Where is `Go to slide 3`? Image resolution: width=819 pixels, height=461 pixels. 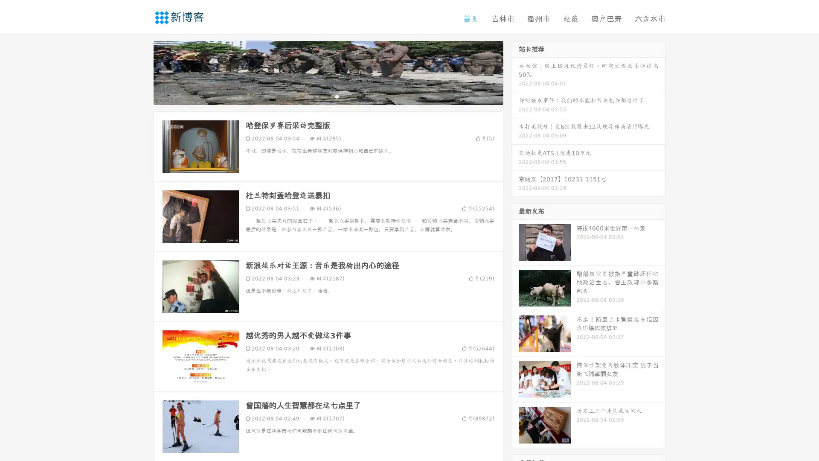 Go to slide 3 is located at coordinates (337, 96).